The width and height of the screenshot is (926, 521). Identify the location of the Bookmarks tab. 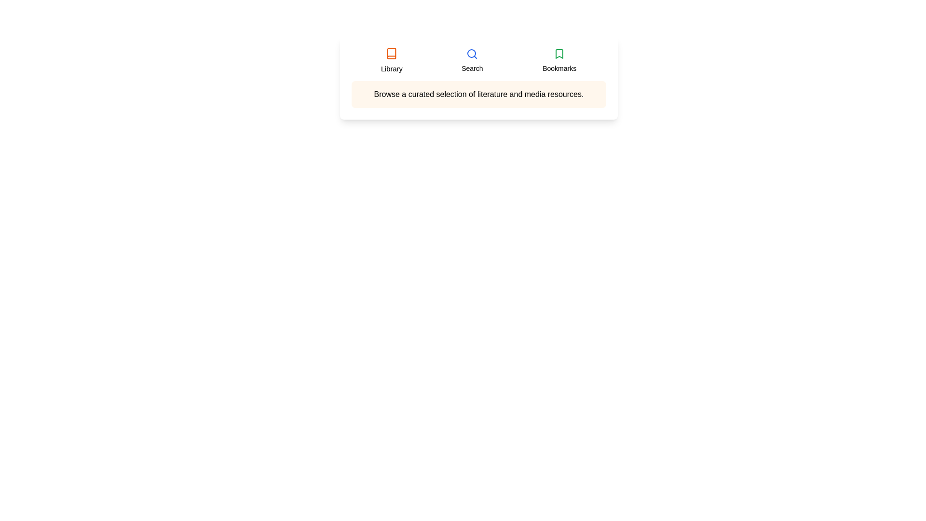
(559, 61).